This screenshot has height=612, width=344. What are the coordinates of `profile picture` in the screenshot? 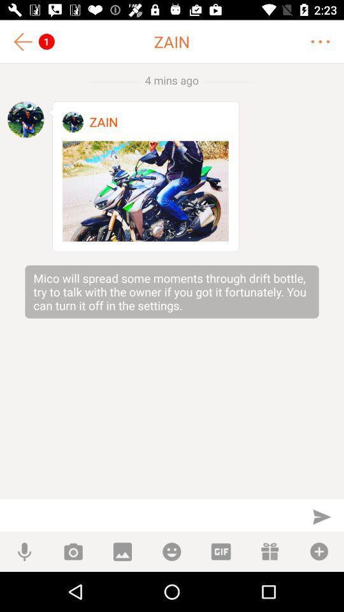 It's located at (73, 122).